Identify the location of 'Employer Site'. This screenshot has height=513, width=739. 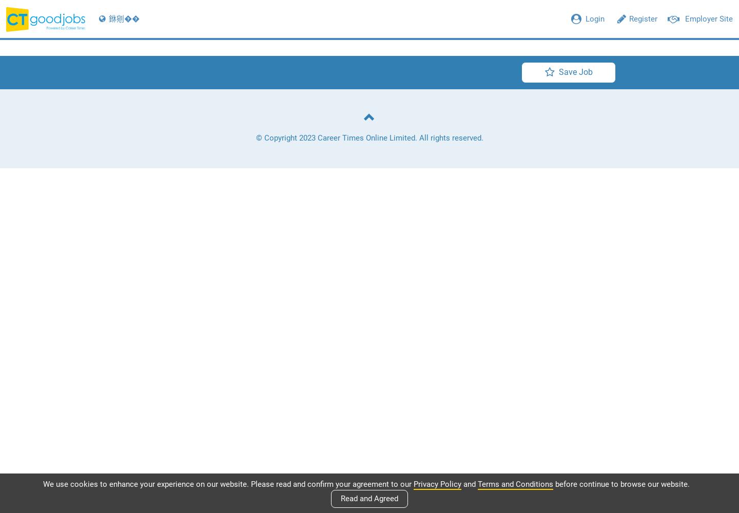
(685, 19).